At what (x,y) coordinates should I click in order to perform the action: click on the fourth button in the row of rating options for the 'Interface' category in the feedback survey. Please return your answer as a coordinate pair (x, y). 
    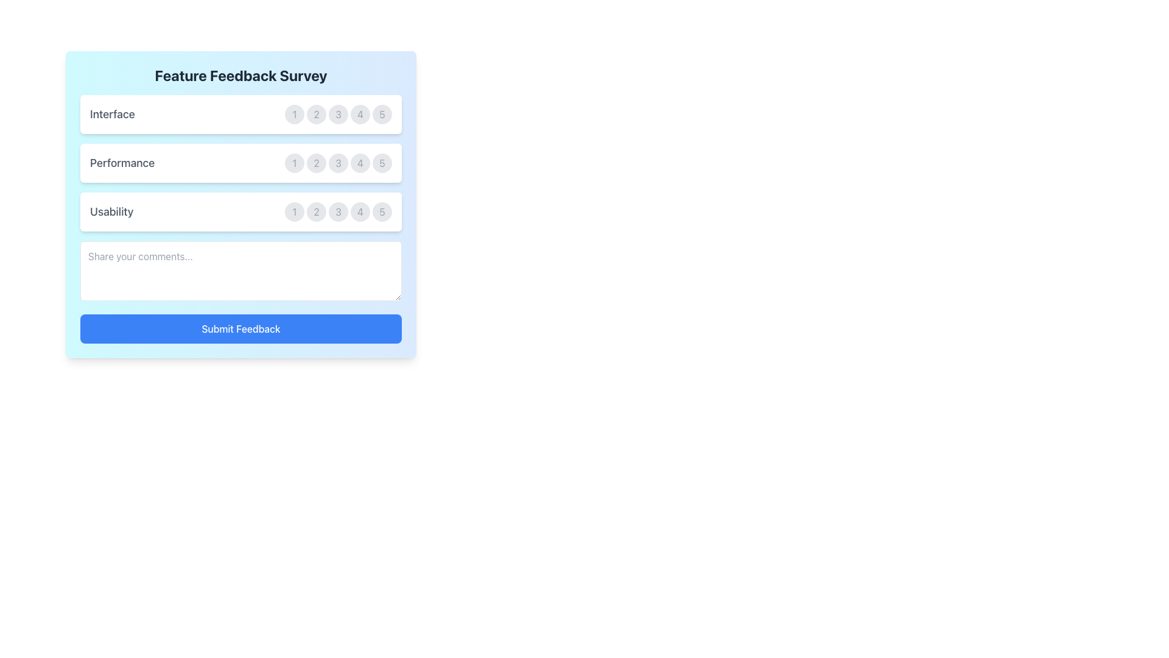
    Looking at the image, I should click on (359, 115).